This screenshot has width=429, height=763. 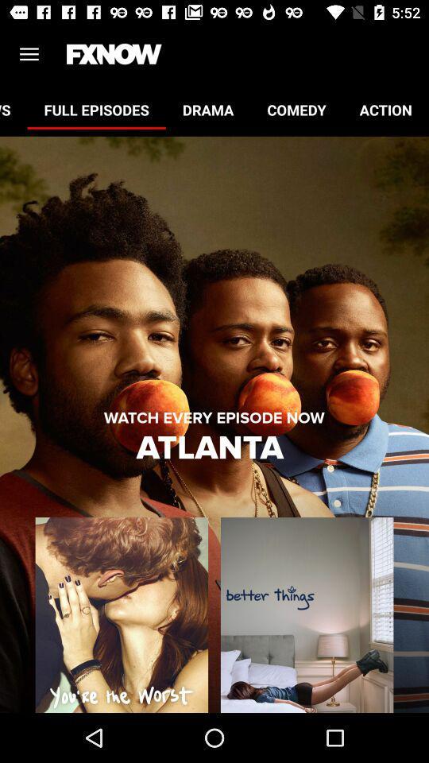 I want to click on the icon next to full episodes item, so click(x=13, y=109).